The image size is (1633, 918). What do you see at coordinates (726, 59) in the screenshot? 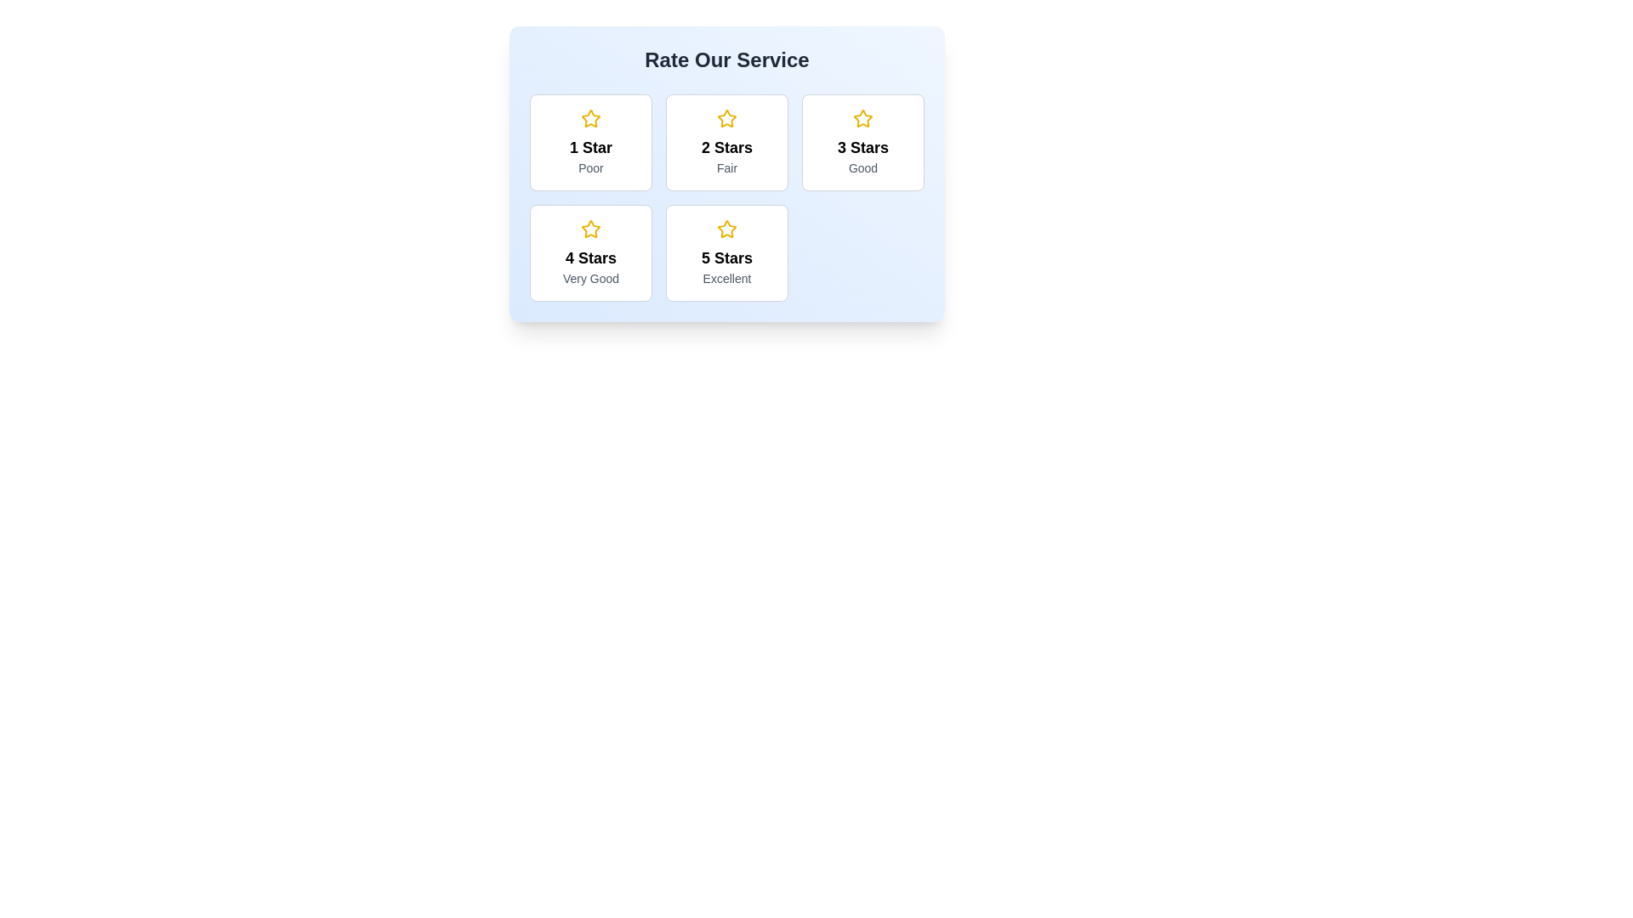
I see `the heading text label located at the top center of the rating section, which indicates the purpose of the subsequent components such as the rating stars` at bounding box center [726, 59].